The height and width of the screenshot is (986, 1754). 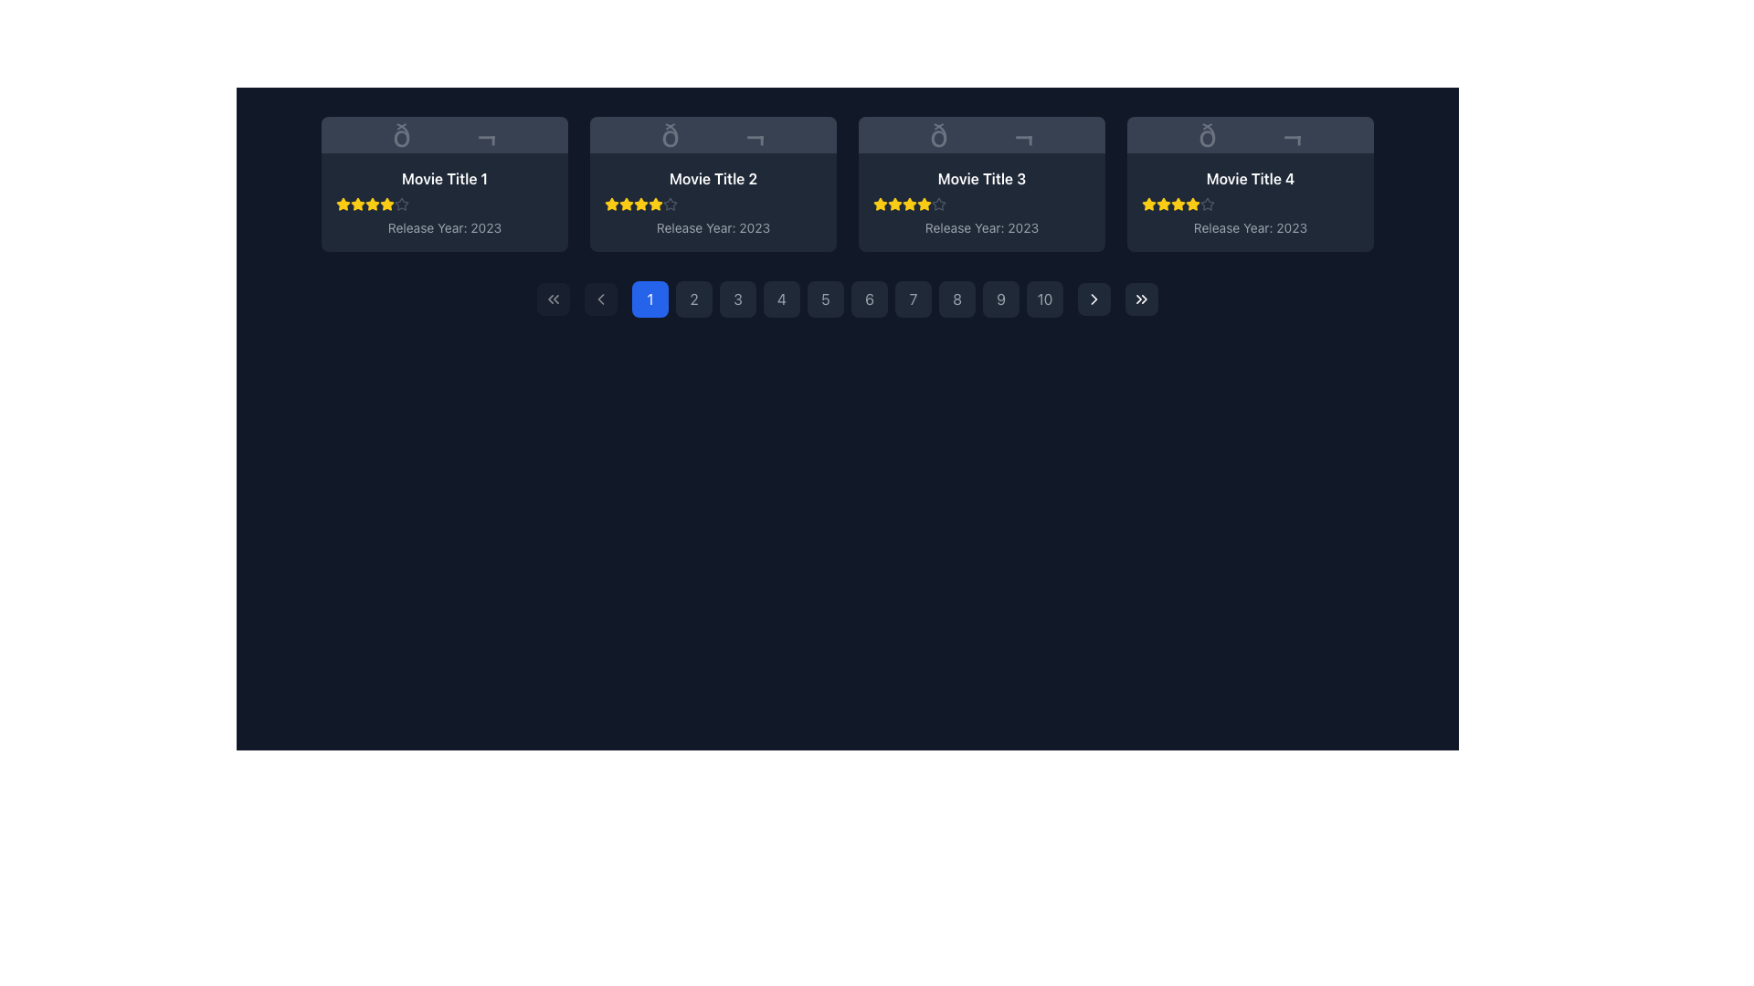 What do you see at coordinates (1044, 298) in the screenshot?
I see `the circular button with the number '10' that has a dark gray background and gray text to observe its hover effect` at bounding box center [1044, 298].